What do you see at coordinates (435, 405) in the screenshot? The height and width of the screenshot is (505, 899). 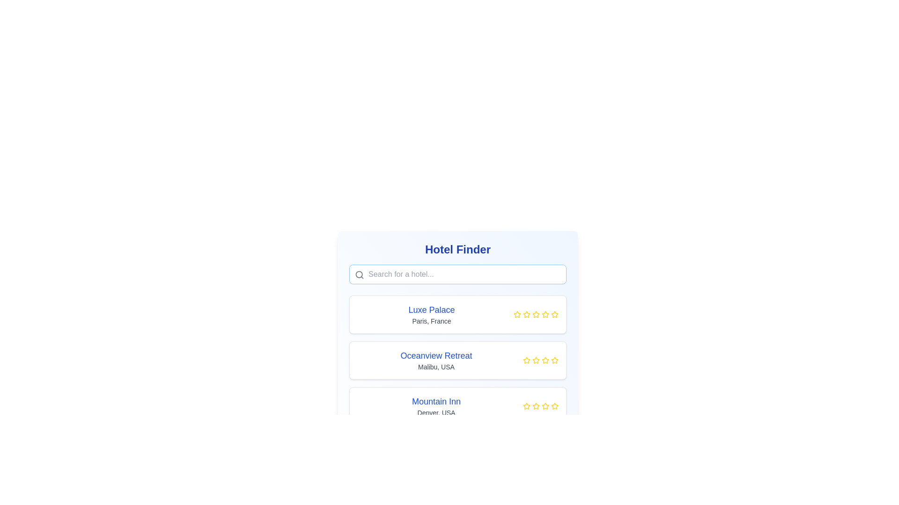 I see `the Text Label displaying 'Mountain Inn' and 'Denver, USA', which is the third listing in a vertical layout, styled with distinct font sizes and colors` at bounding box center [435, 405].